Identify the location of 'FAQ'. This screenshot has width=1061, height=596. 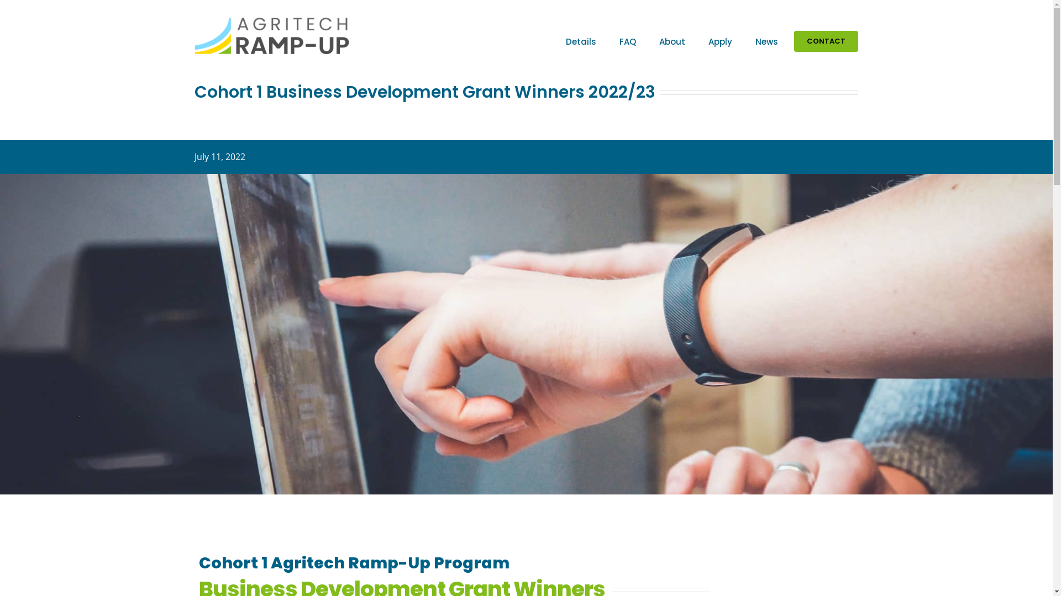
(628, 40).